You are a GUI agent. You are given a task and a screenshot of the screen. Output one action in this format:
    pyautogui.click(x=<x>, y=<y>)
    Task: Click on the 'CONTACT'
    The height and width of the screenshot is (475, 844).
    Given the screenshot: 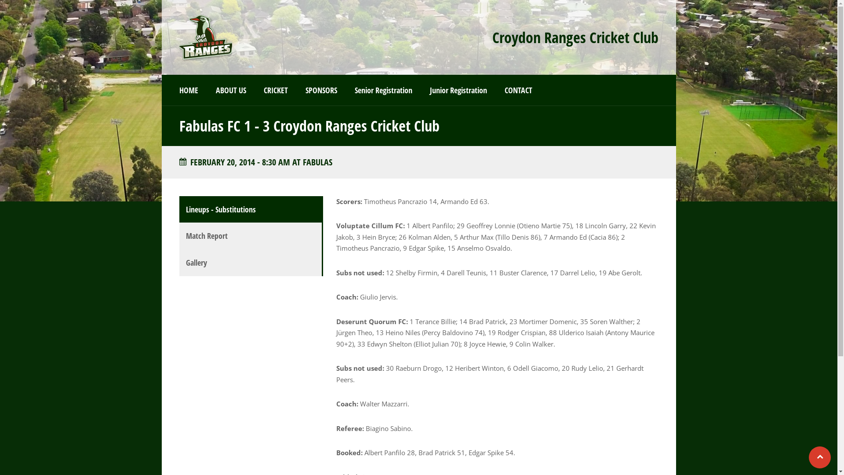 What is the action you would take?
    pyautogui.click(x=518, y=90)
    